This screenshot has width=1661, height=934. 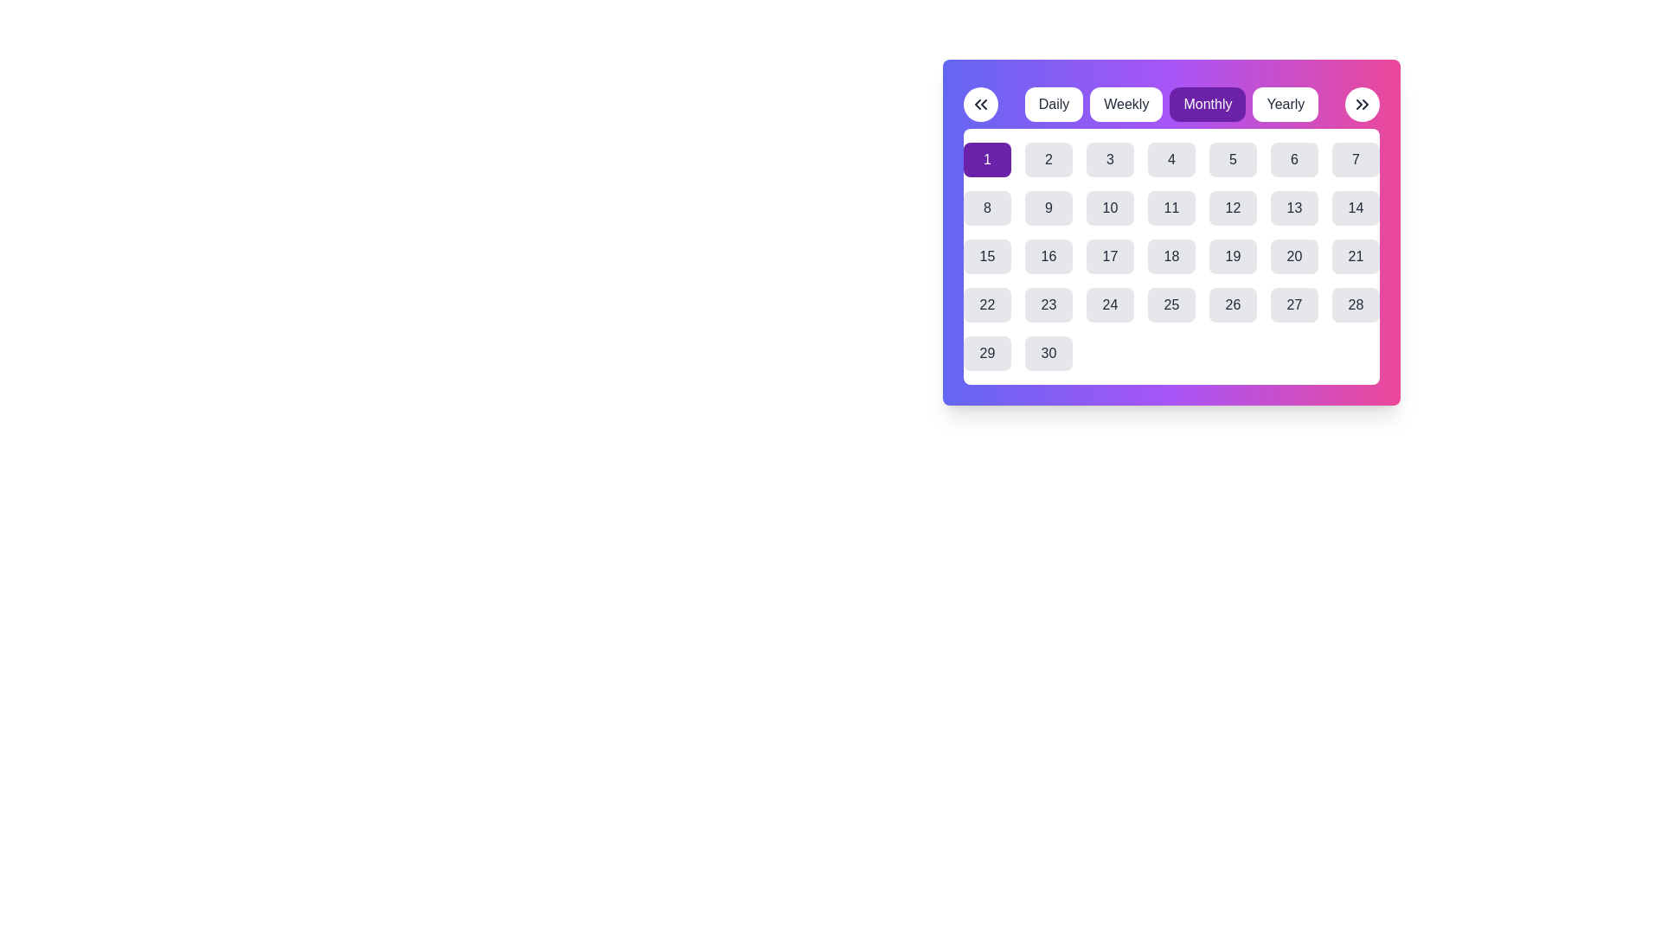 I want to click on the button marked '3' in the calendar interface, so click(x=1110, y=160).